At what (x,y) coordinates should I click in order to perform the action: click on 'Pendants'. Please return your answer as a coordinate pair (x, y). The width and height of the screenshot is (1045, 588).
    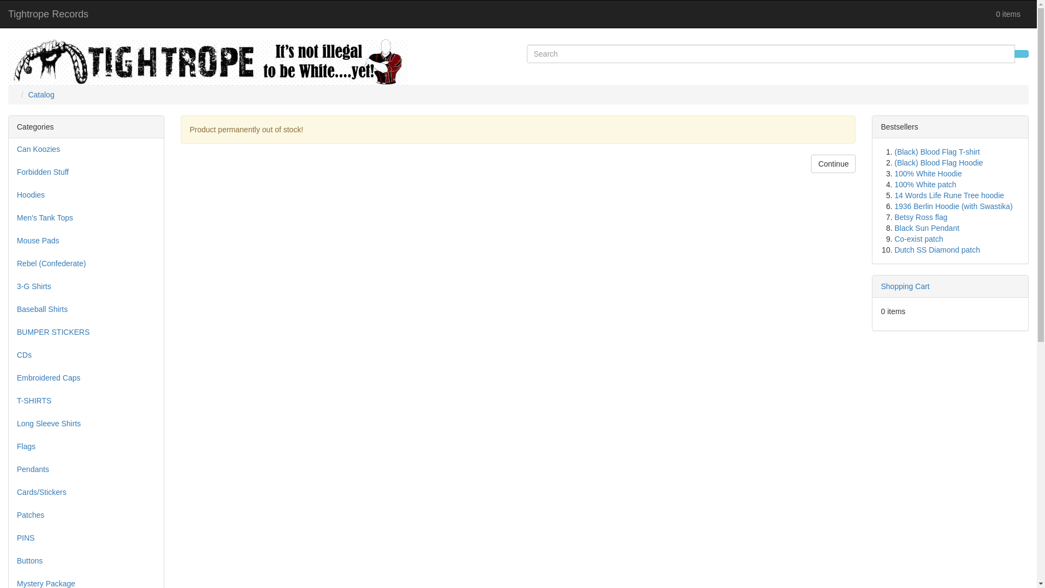
    Looking at the image, I should click on (8, 468).